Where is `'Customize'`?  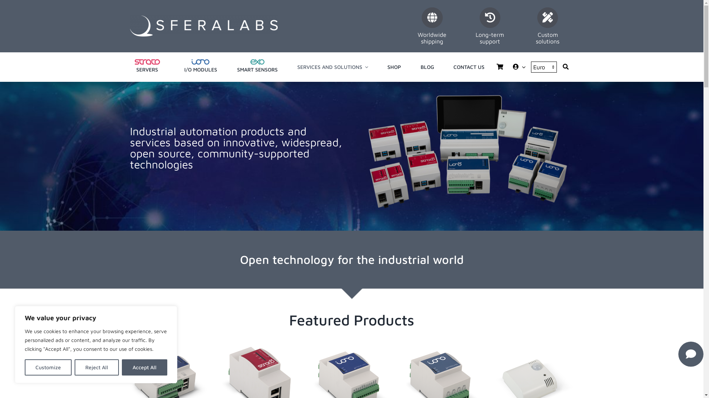 'Customize' is located at coordinates (48, 367).